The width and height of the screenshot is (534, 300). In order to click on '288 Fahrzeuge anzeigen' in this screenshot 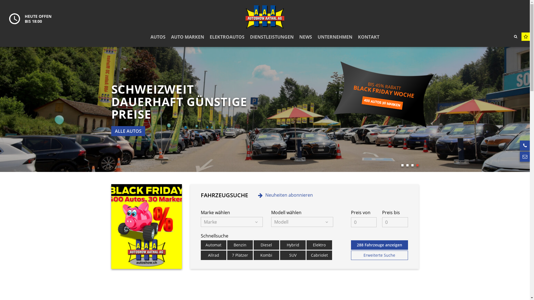, I will do `click(379, 245)`.